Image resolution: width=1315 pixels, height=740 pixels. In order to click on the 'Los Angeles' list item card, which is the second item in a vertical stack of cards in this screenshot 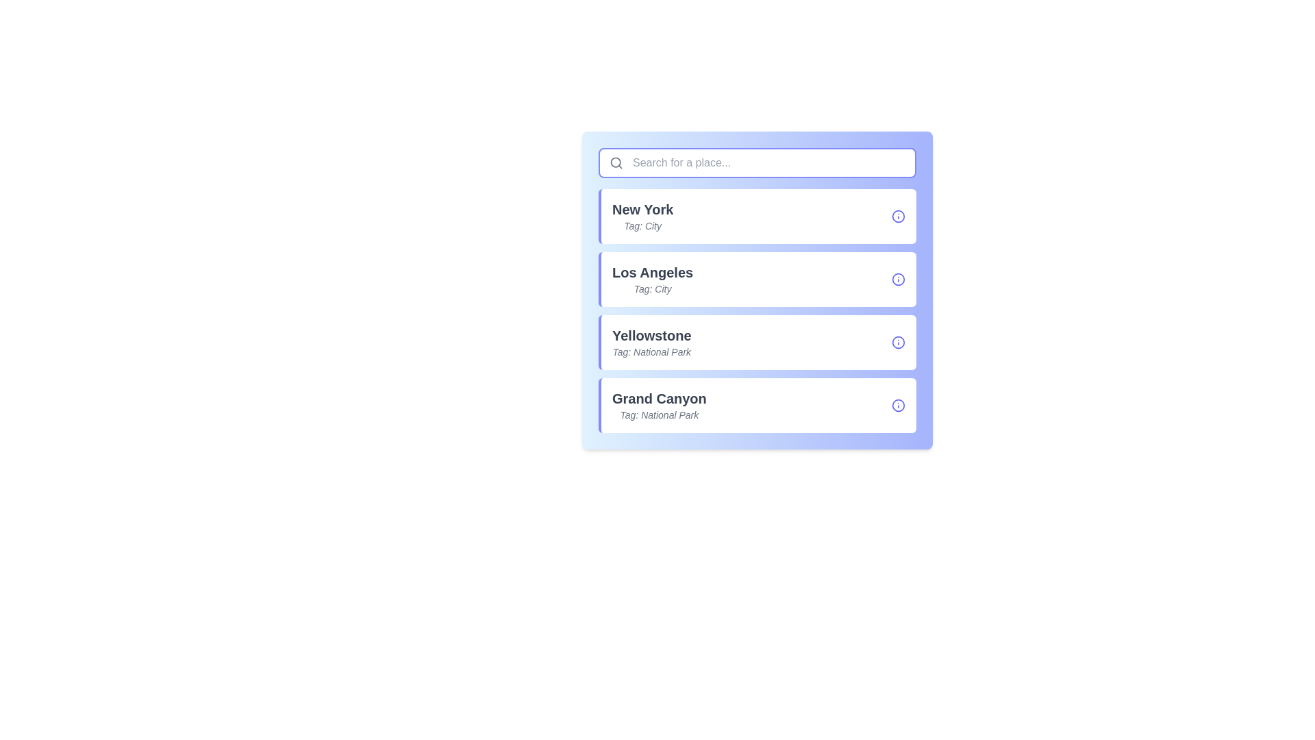, I will do `click(756, 290)`.